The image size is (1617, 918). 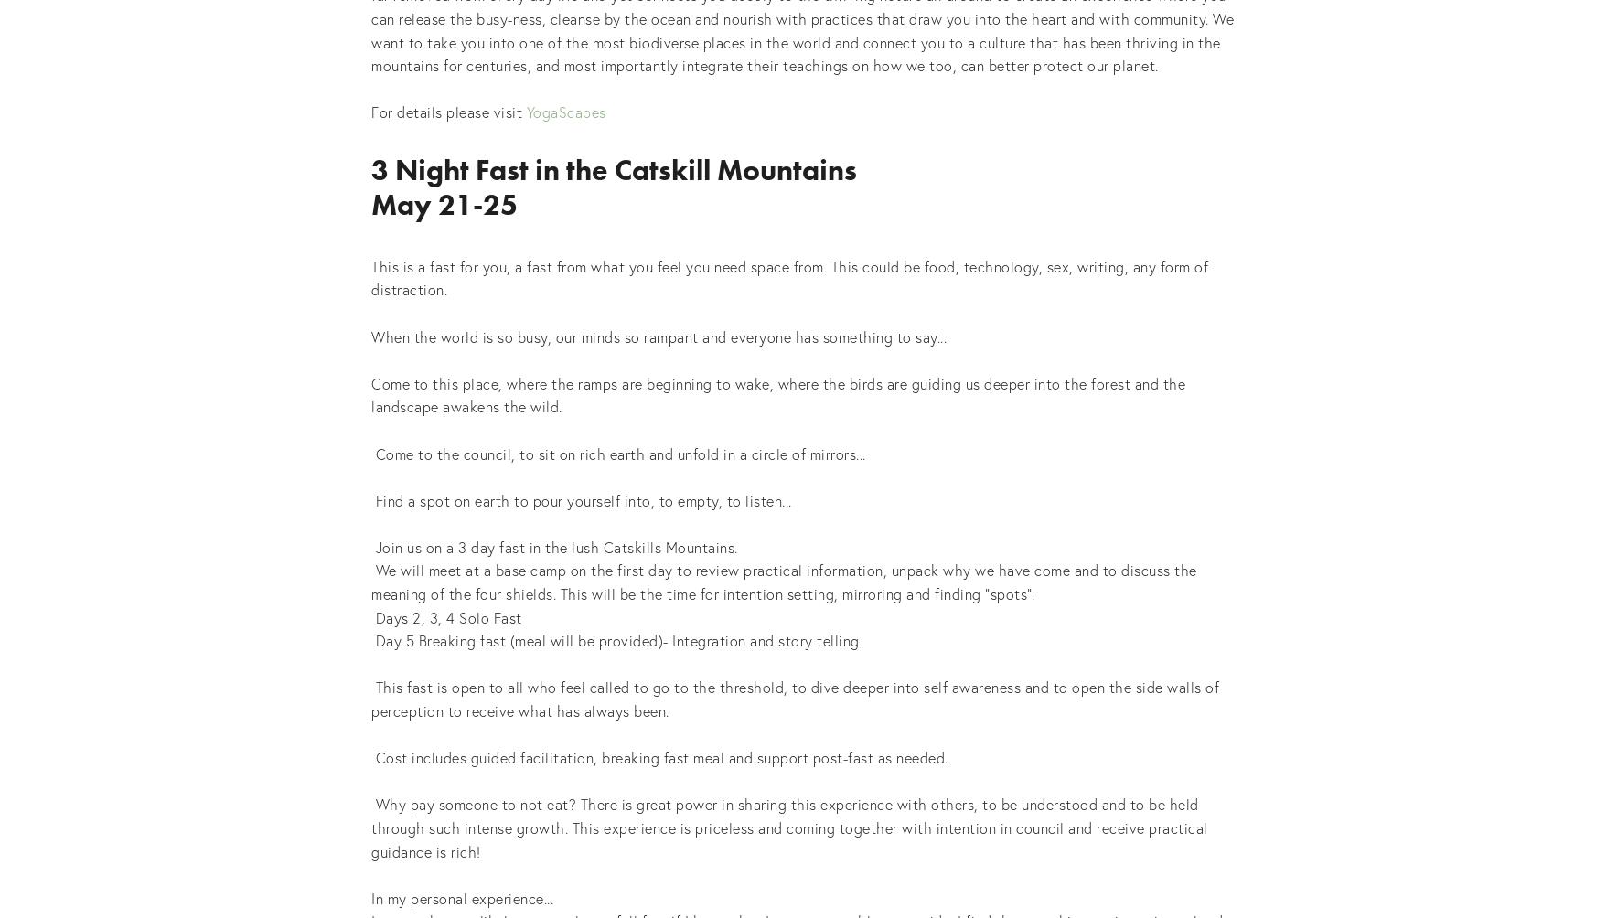 What do you see at coordinates (786, 581) in the screenshot?
I see `'We will meet at a base camp on the first day to review practical information, unpack why we have come and to discuss the meaning of the four shields. This will be the time for intention setting, mirroring and finding "spots".'` at bounding box center [786, 581].